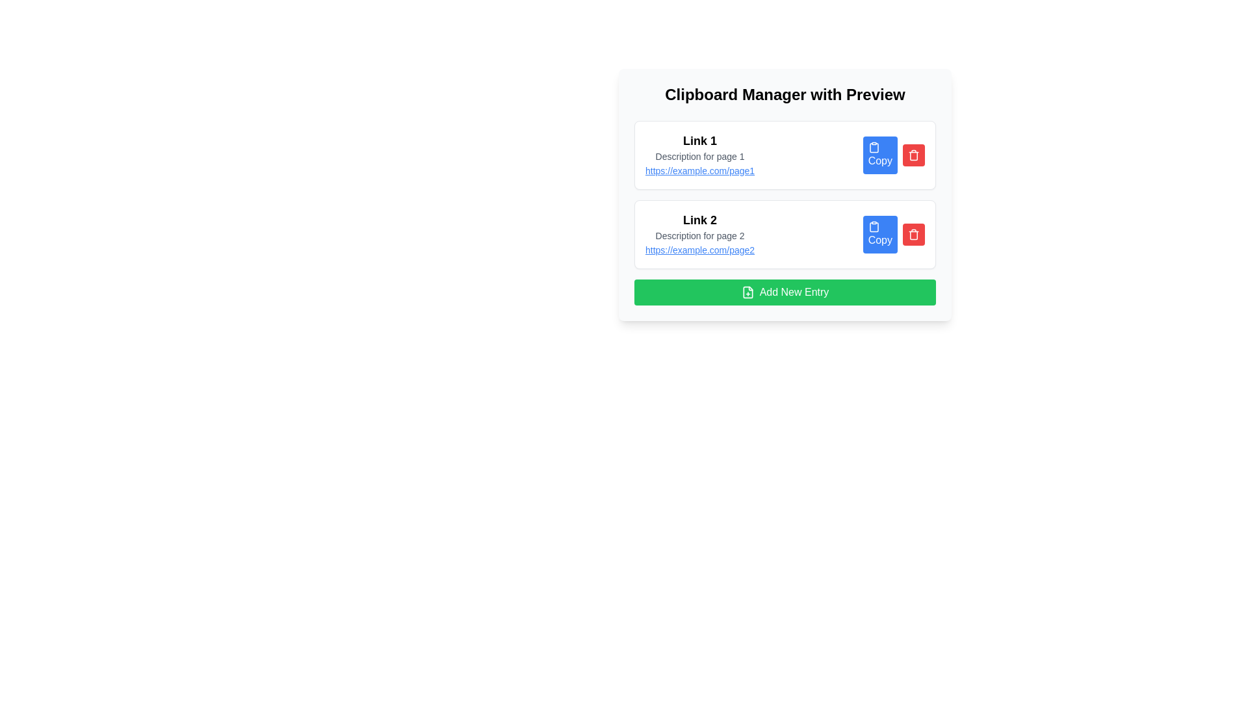 The height and width of the screenshot is (702, 1248). I want to click on the textual hyperlink styled in blue with an underline that links to 'https://example.com/page2' located at the bottom of the group for 'Link 2', so click(699, 250).